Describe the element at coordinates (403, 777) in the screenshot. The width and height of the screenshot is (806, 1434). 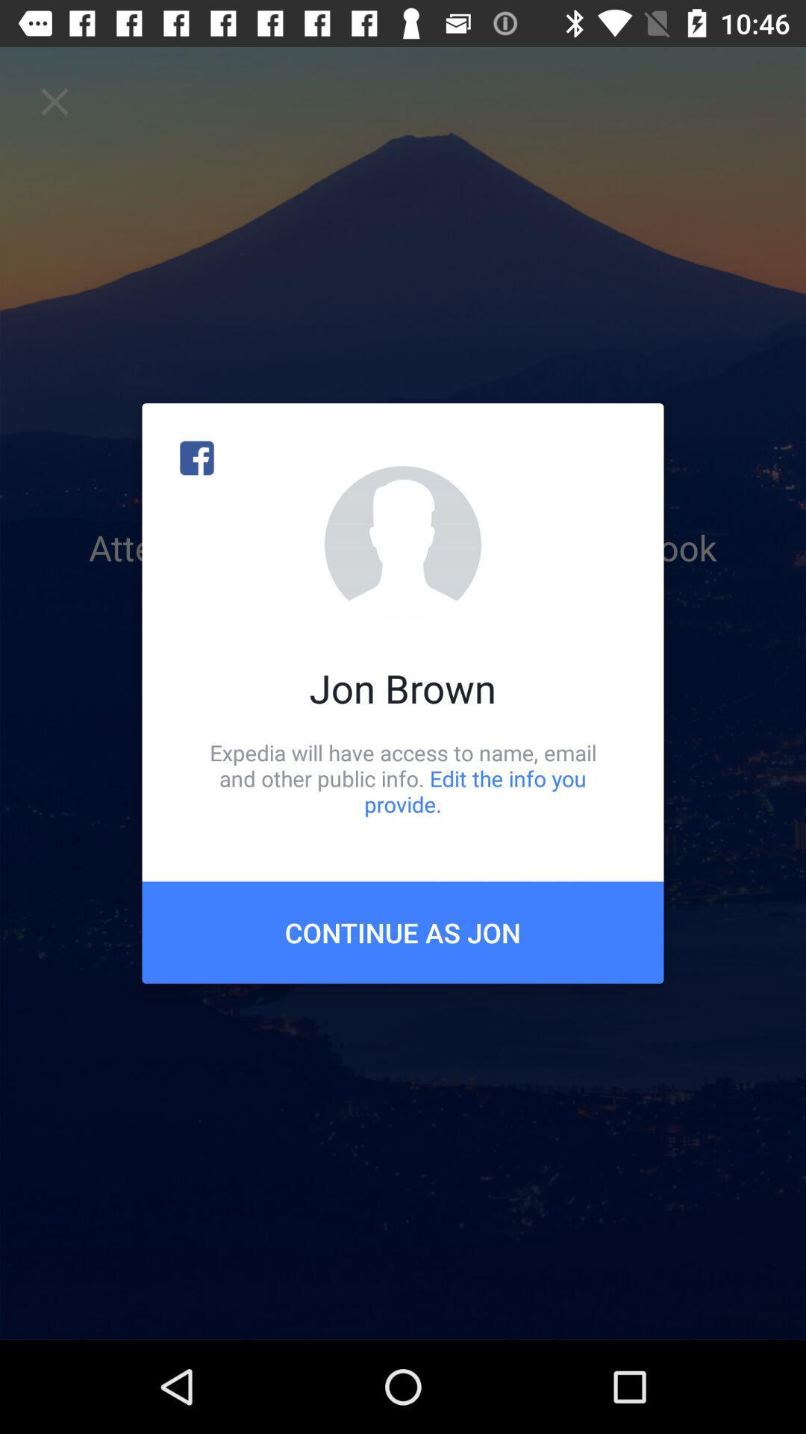
I see `the item above continue as jon item` at that location.